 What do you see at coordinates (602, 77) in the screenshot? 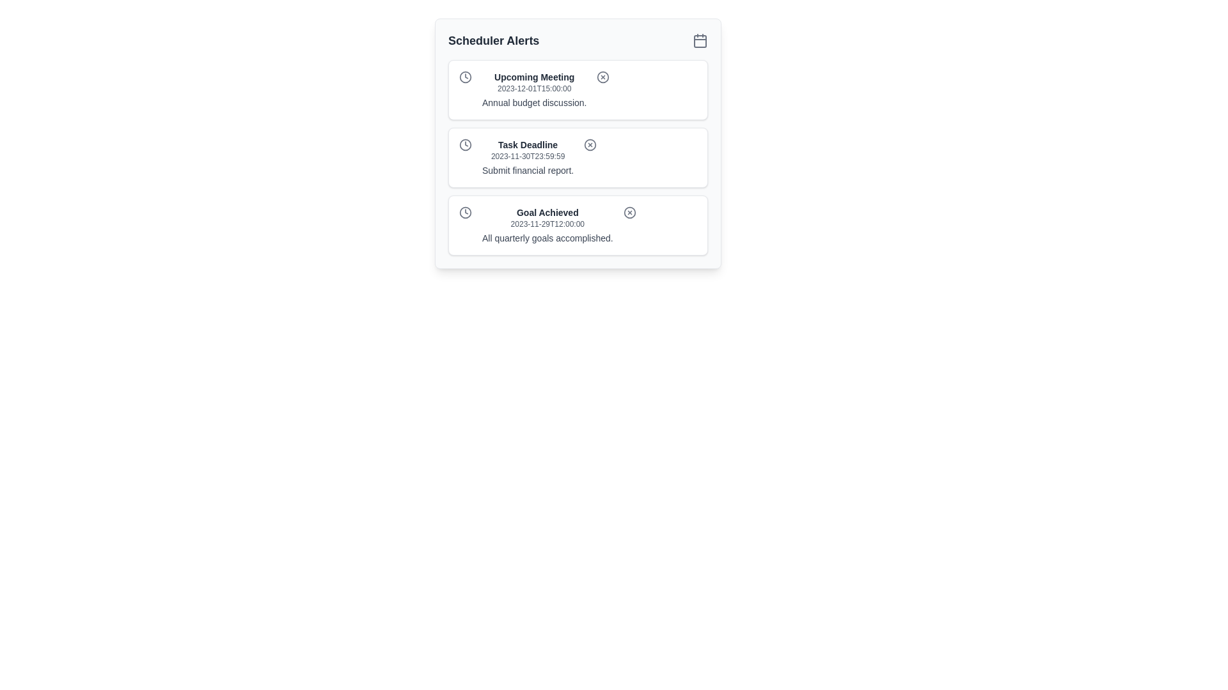
I see `the circular shape within the SVG icon of a cross symbol, located next to the first item in the list, adjacent to the text 'Upcoming Meeting'` at bounding box center [602, 77].